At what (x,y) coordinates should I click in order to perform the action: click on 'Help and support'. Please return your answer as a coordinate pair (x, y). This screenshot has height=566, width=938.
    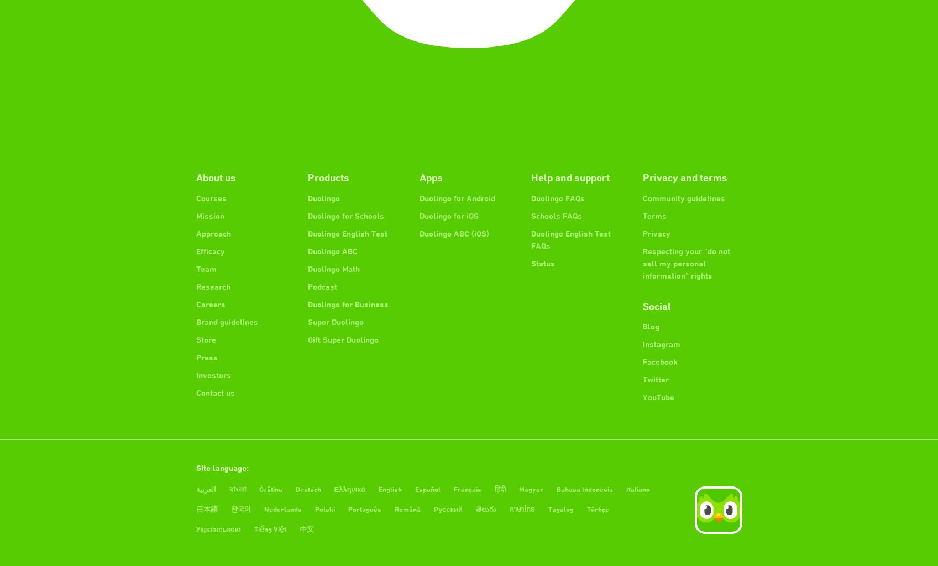
    Looking at the image, I should click on (569, 176).